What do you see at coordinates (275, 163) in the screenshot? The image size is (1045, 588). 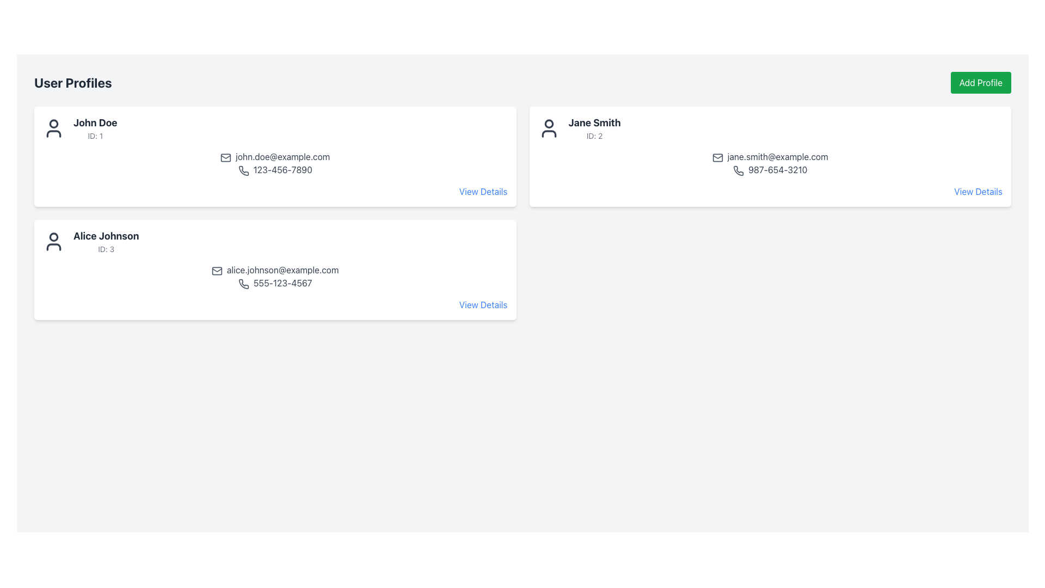 I see `the contact information text and icon representation located in the first profile card under the name 'John Doe' to initiate potential interactions via email or phone number` at bounding box center [275, 163].